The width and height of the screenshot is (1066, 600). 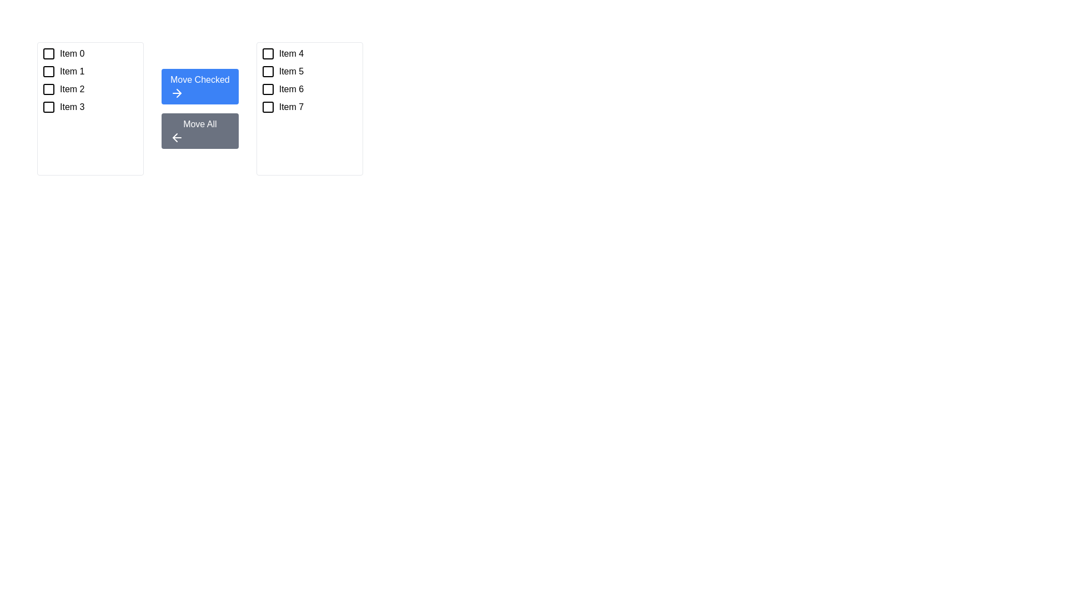 I want to click on the interactive checkbox linked to the label 'Item 3' to indicate focus, so click(x=48, y=107).